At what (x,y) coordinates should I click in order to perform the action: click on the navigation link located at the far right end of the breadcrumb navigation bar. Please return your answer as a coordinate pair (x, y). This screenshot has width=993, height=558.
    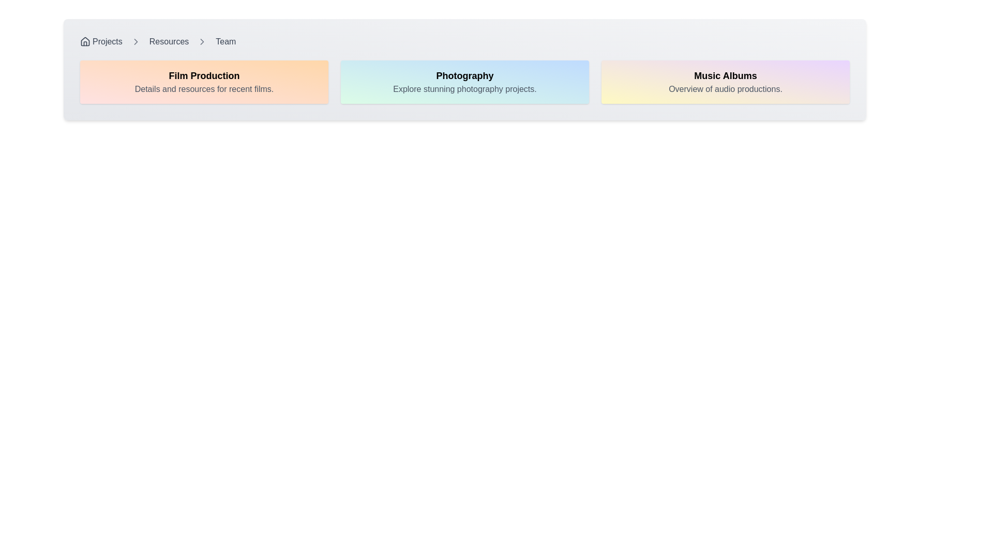
    Looking at the image, I should click on (225, 41).